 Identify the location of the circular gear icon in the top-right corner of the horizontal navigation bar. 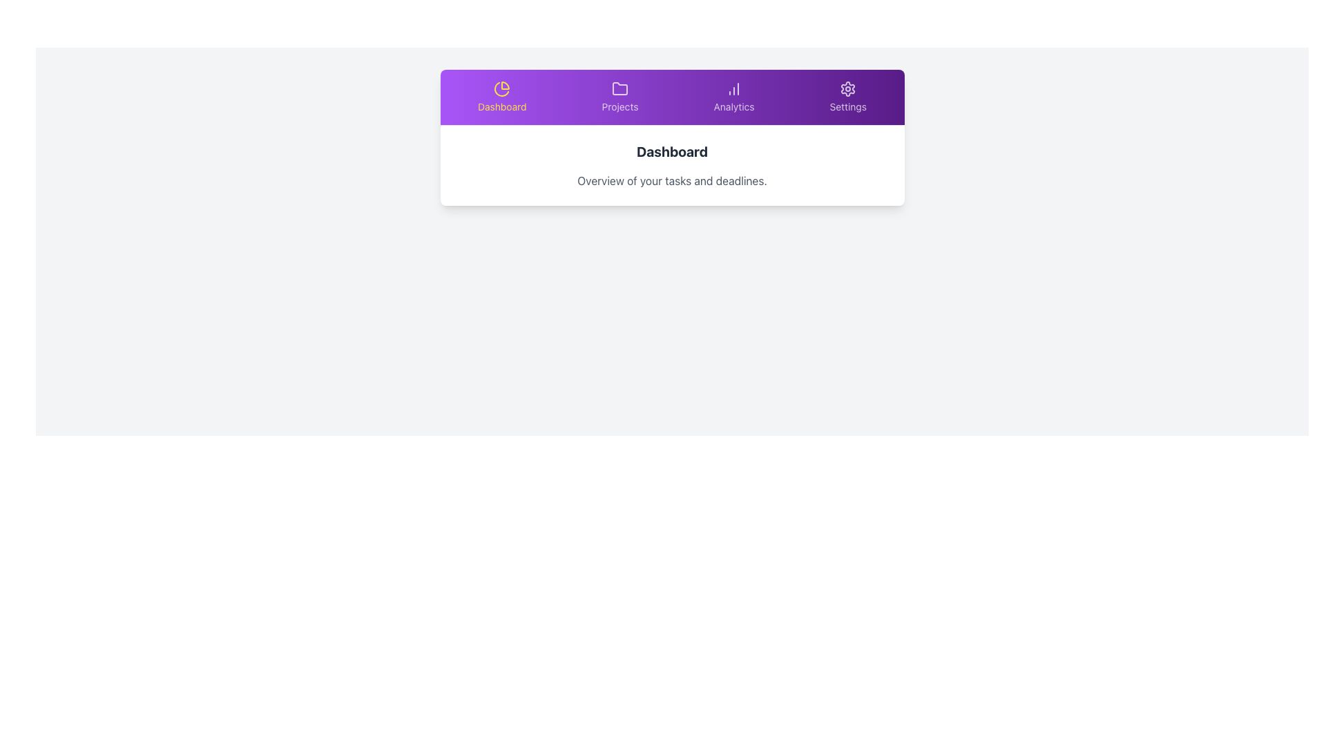
(847, 88).